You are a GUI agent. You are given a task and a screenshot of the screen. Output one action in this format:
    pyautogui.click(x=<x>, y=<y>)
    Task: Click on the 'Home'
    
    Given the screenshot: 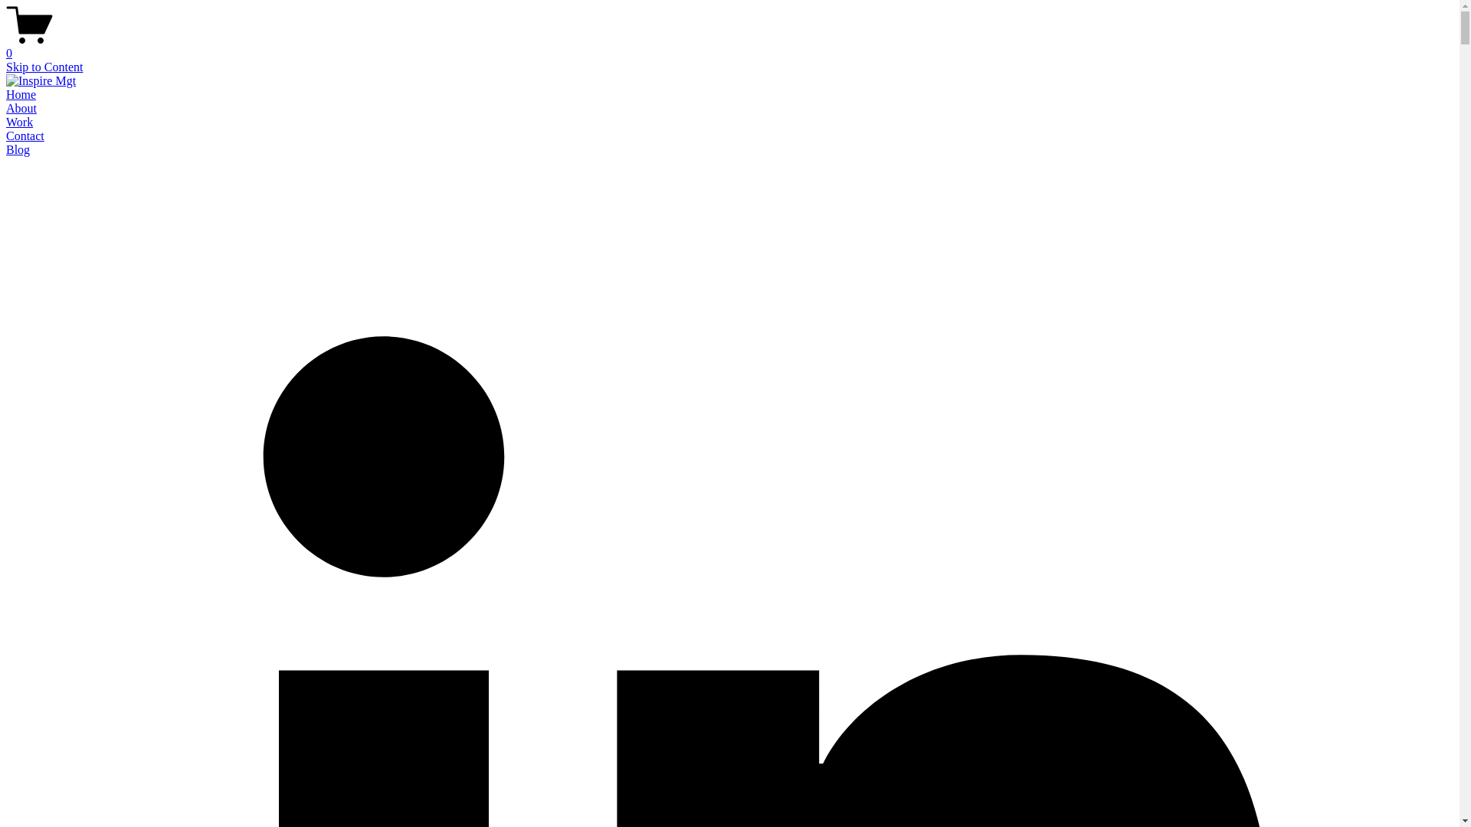 What is the action you would take?
    pyautogui.click(x=21, y=94)
    